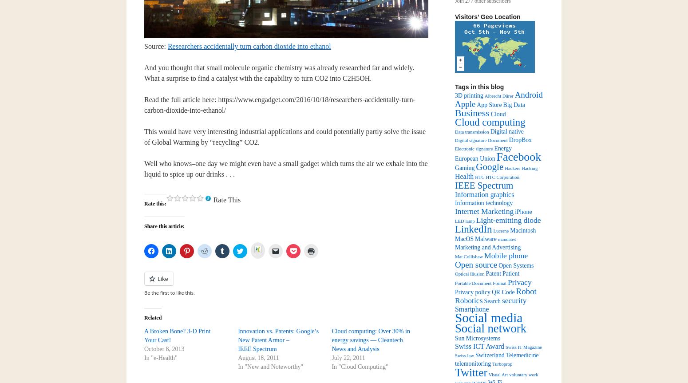 The width and height of the screenshot is (688, 383). I want to click on 'Cloud computing', so click(455, 122).